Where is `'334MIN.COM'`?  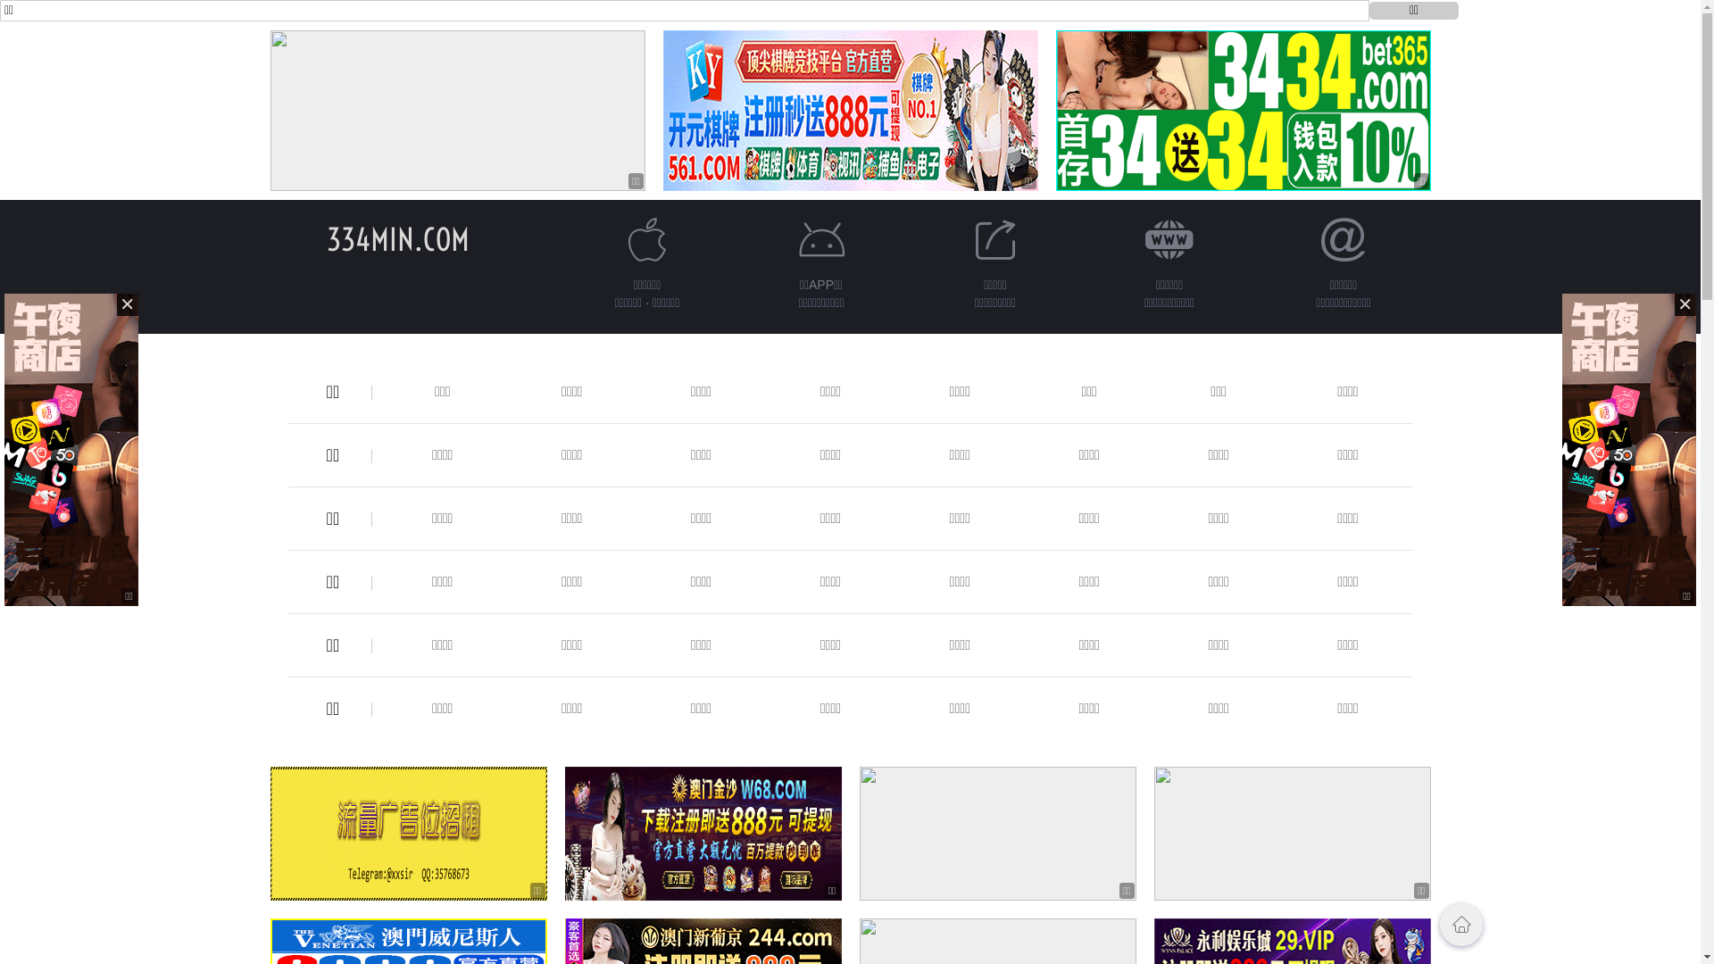 '334MIN.COM' is located at coordinates (397, 238).